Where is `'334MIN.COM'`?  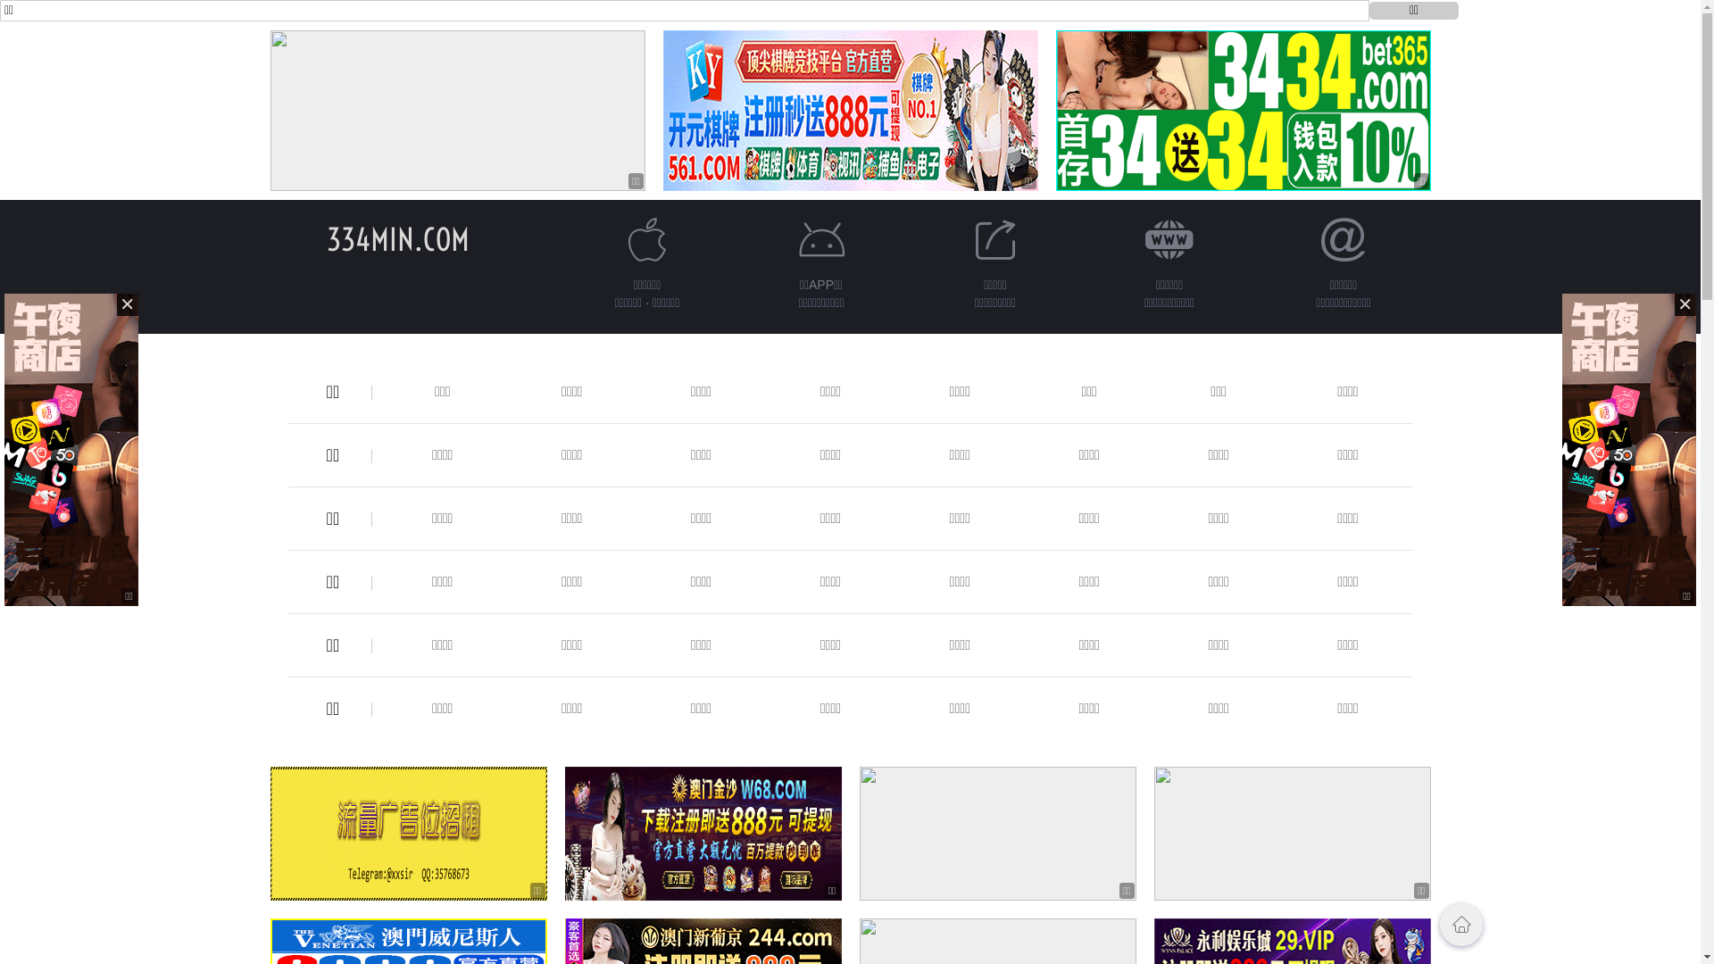 '334MIN.COM' is located at coordinates (397, 238).